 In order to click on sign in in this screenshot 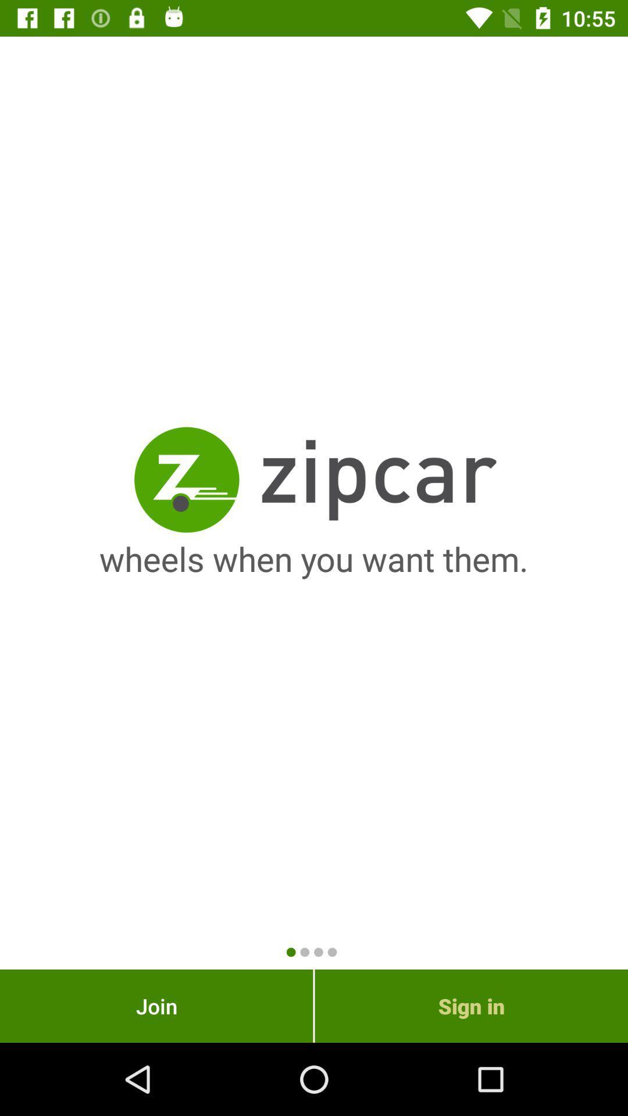, I will do `click(471, 1006)`.